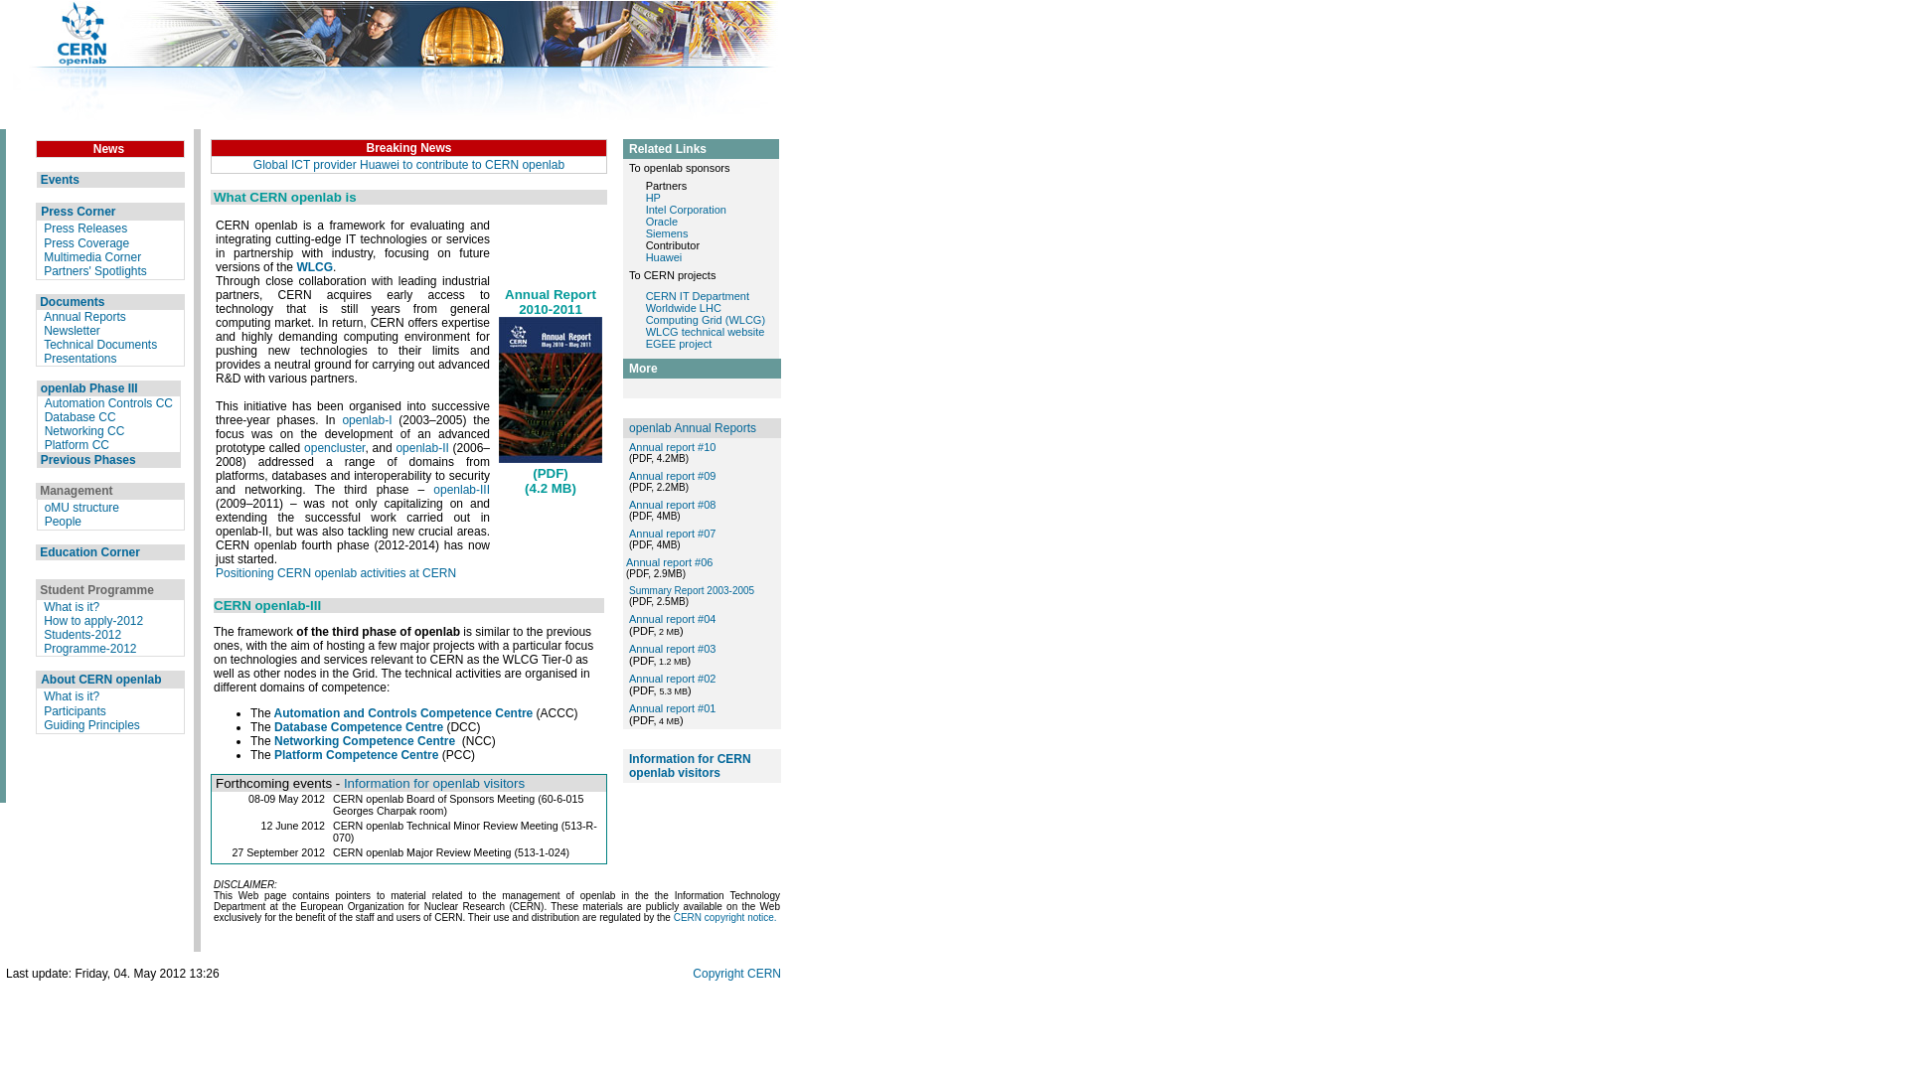 The image size is (1908, 1073). What do you see at coordinates (107, 402) in the screenshot?
I see `'Automation Controls CC'` at bounding box center [107, 402].